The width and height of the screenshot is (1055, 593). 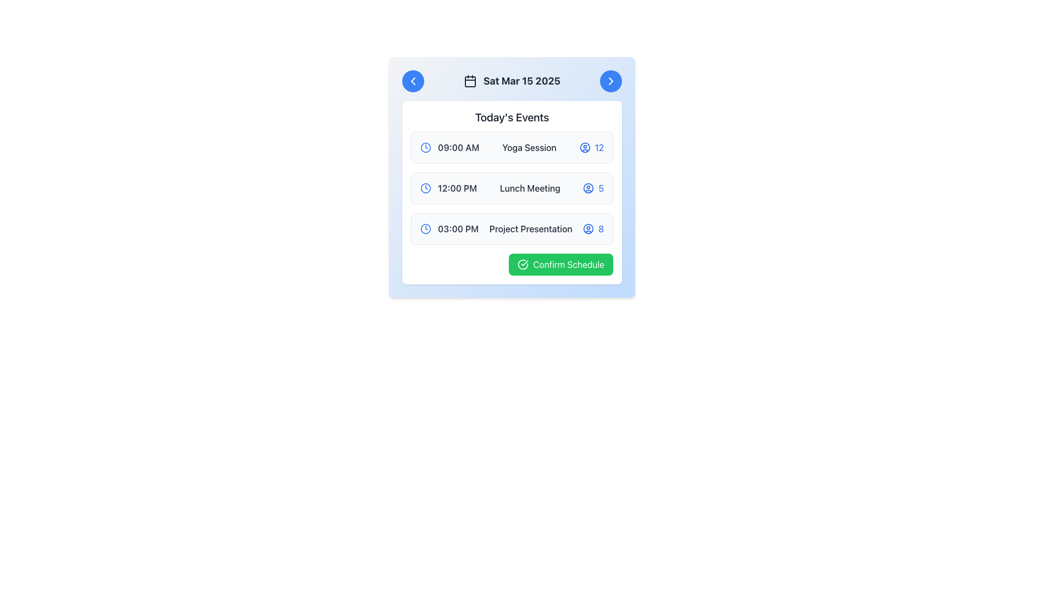 I want to click on the text element that indicates the name of the event planned for 9:00 AM, located in the second column of the first row in the card listing events, so click(x=529, y=147).